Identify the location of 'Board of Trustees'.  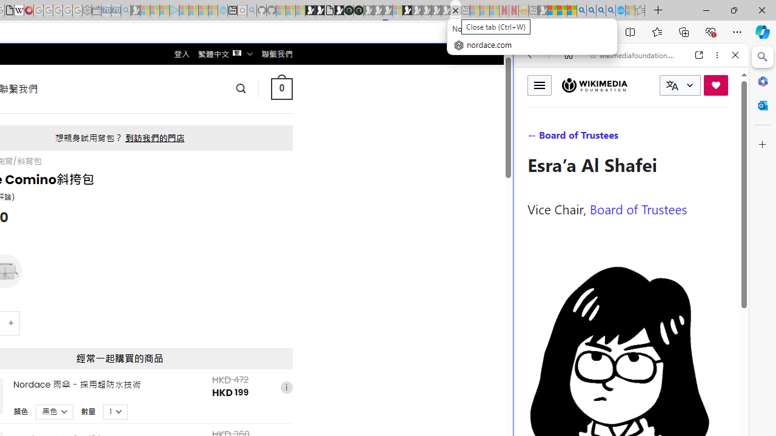
(638, 208).